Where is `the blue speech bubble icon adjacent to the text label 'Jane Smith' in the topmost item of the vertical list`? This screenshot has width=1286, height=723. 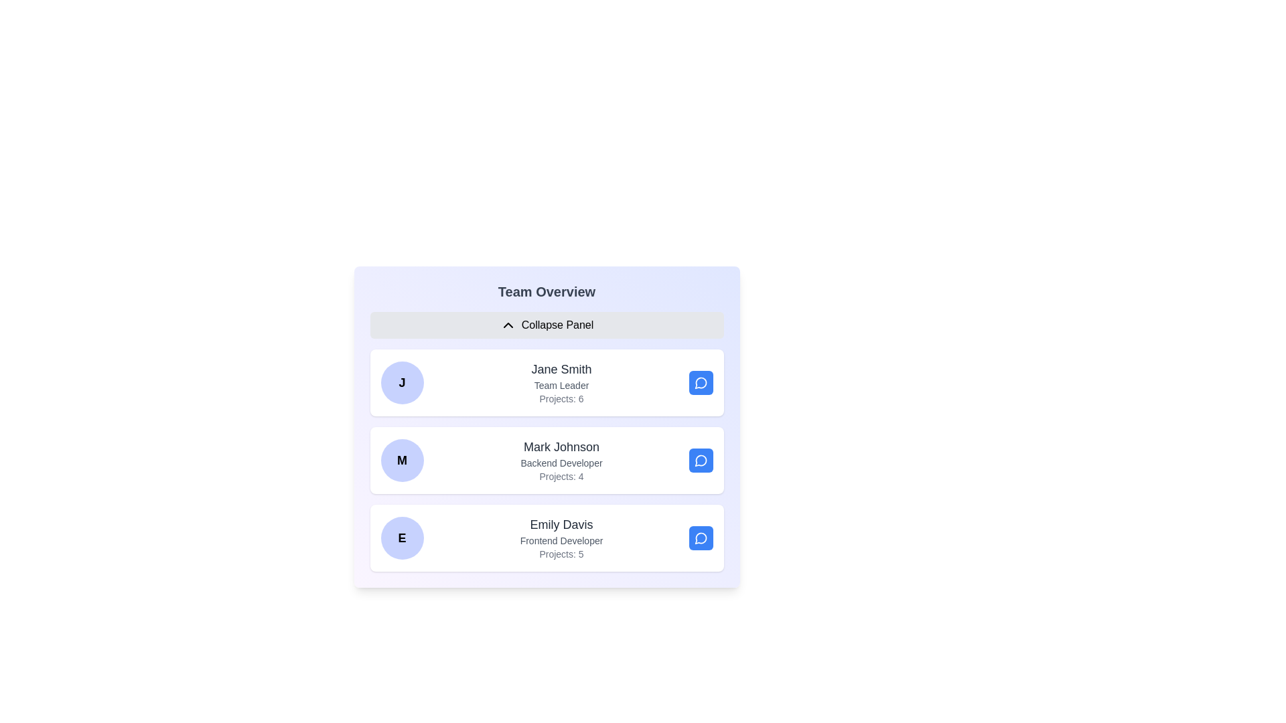 the blue speech bubble icon adjacent to the text label 'Jane Smith' in the topmost item of the vertical list is located at coordinates (700, 383).